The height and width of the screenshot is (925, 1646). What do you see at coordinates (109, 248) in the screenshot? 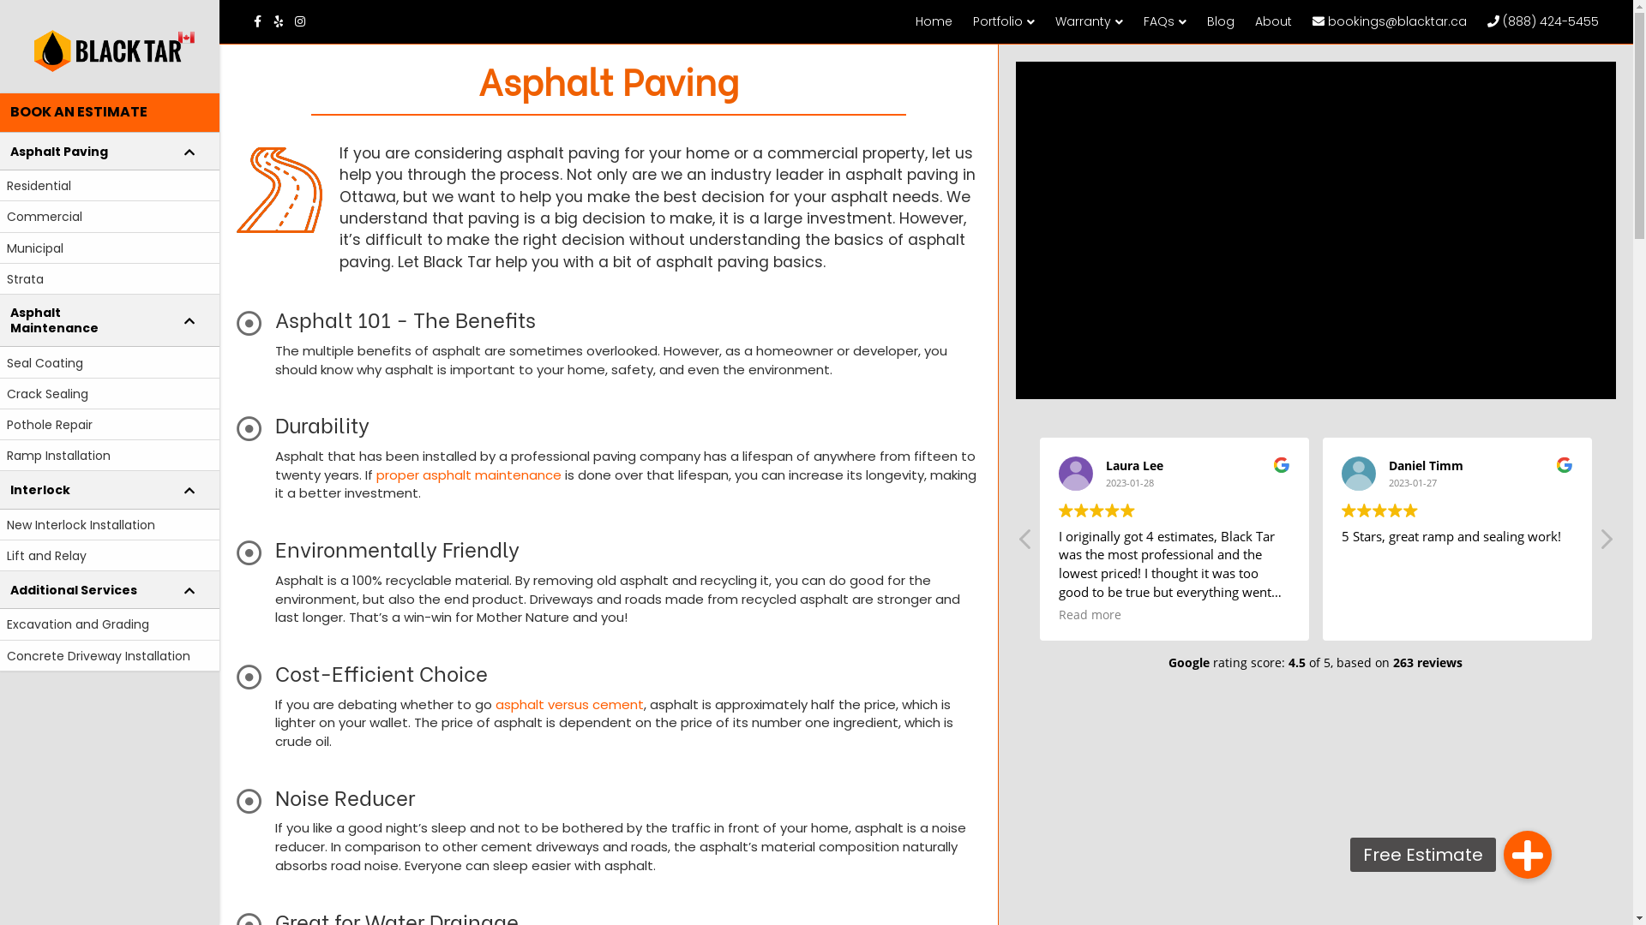
I see `'Municipal'` at bounding box center [109, 248].